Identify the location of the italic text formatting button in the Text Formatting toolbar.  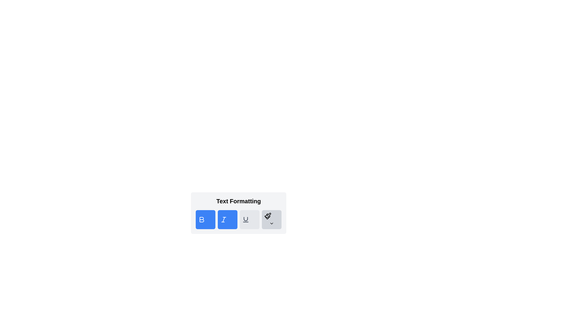
(223, 220).